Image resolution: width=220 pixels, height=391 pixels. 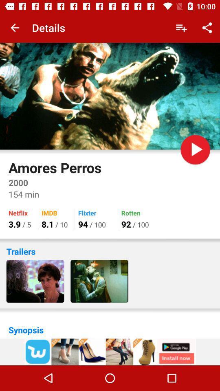 I want to click on option, so click(x=195, y=149).